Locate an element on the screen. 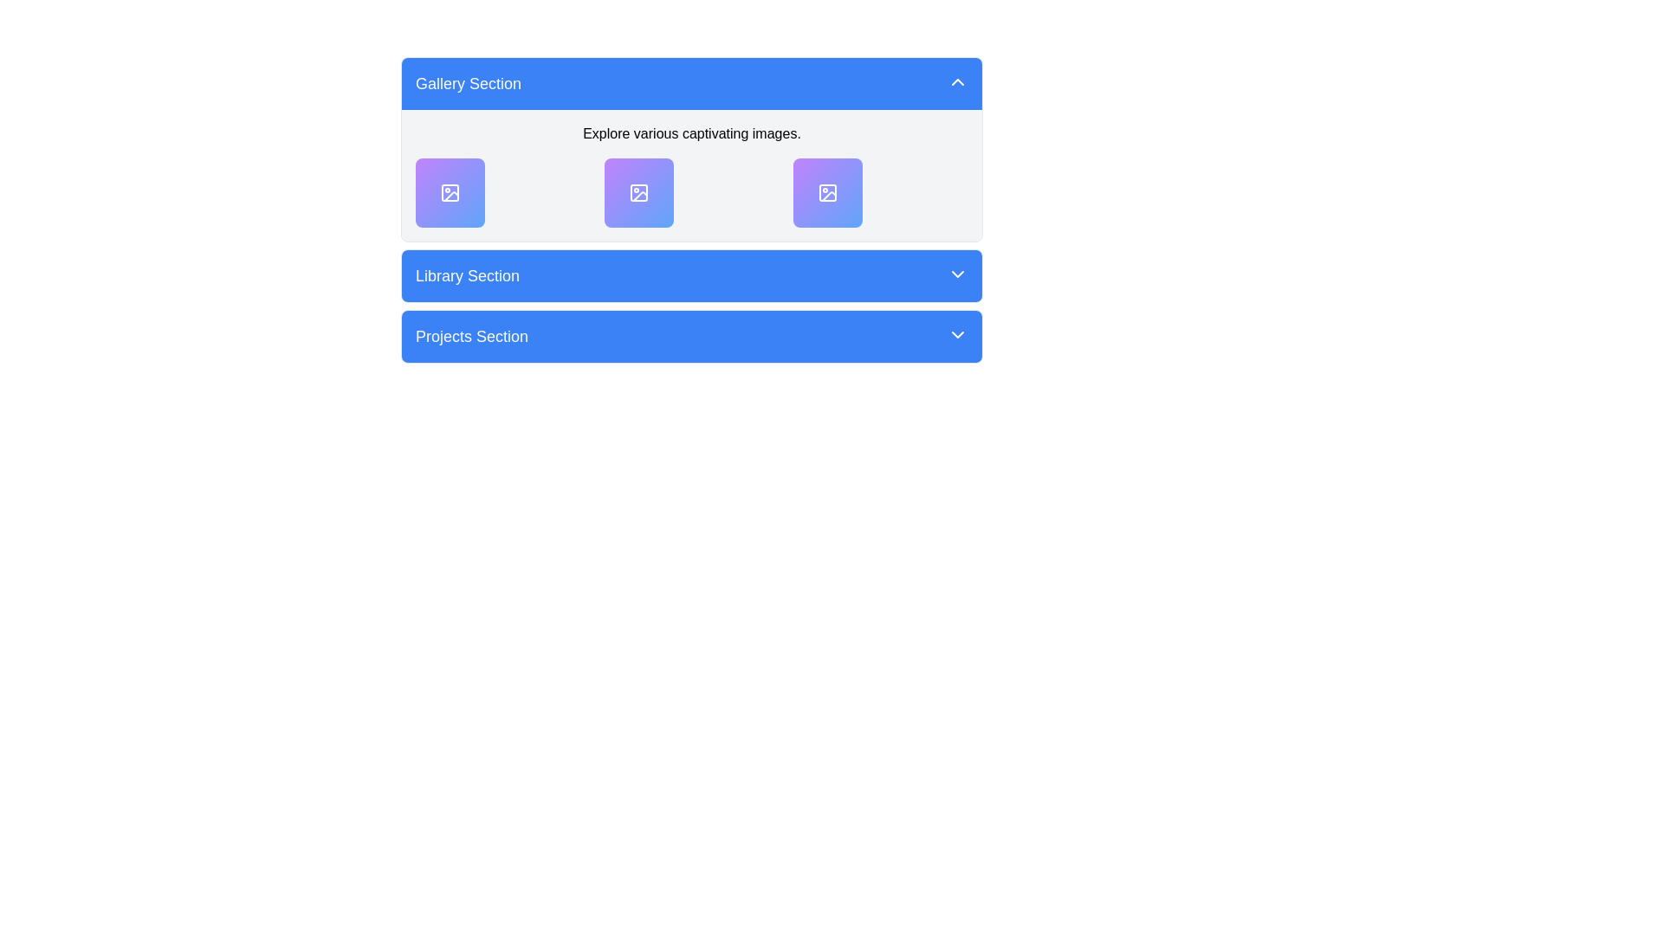 Image resolution: width=1663 pixels, height=935 pixels. the decorative Graphic component of the SVG image located in the second item of the Gallery Section, positioned centrally in the second row of graphical elements is located at coordinates (826, 193).